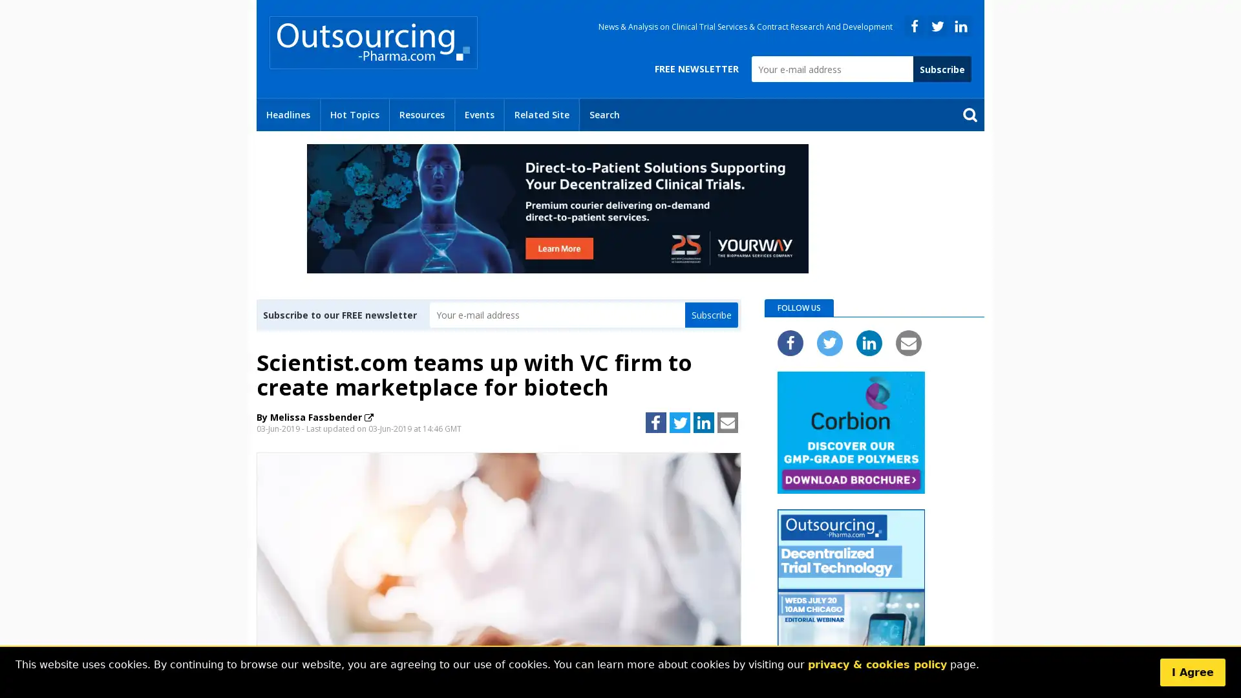  I want to click on Subscribe, so click(942, 69).